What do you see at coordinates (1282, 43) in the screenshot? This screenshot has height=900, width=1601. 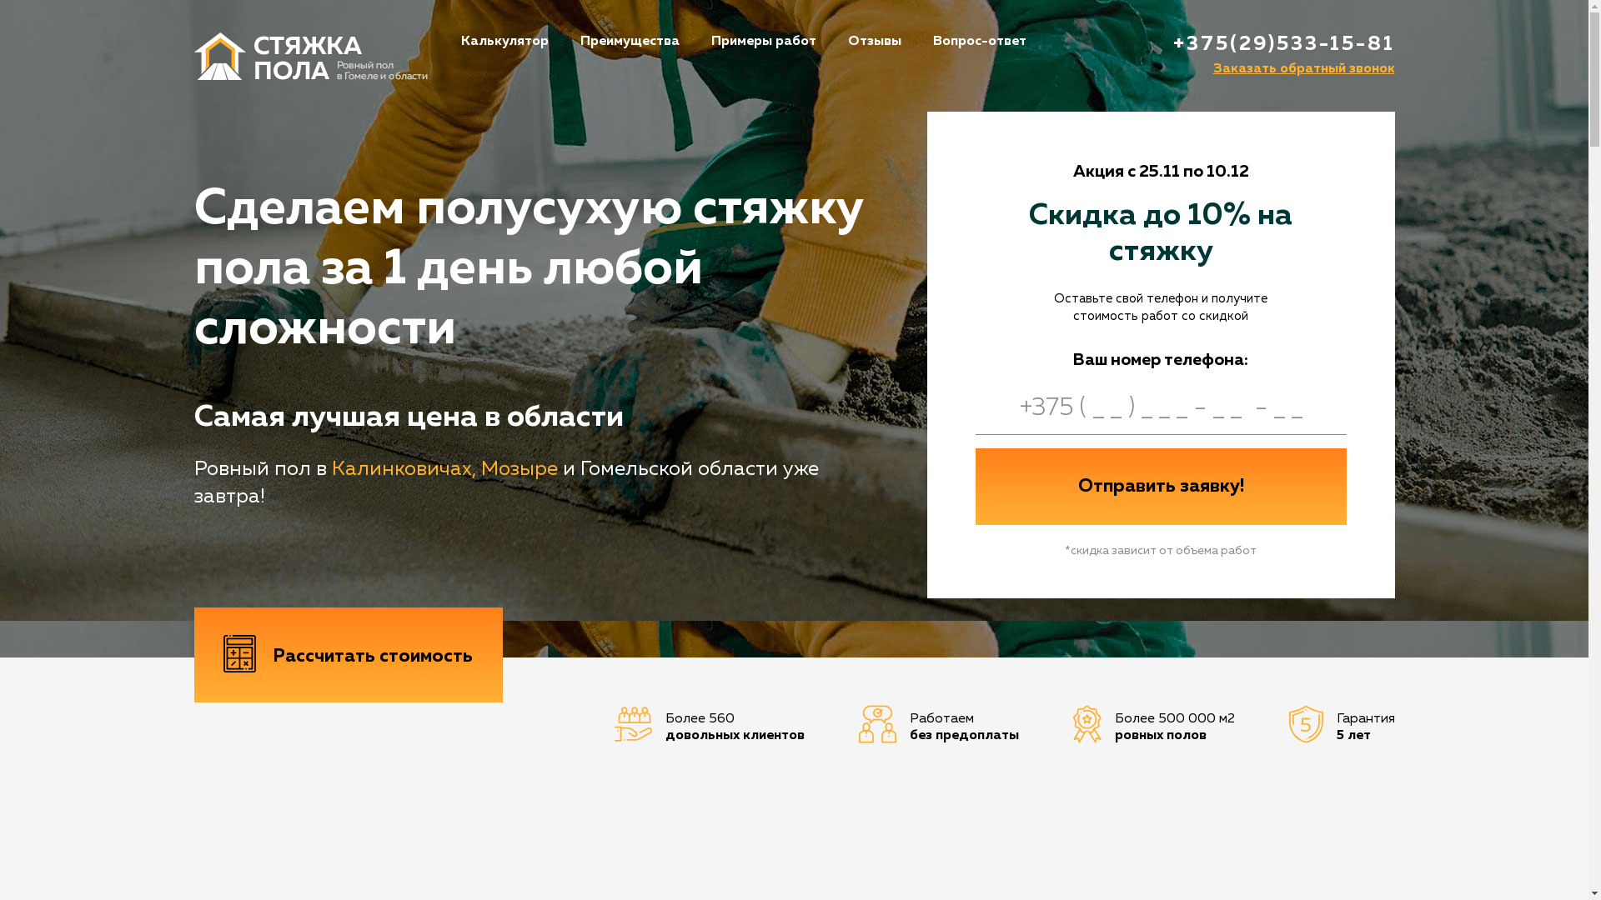 I see `'+375(29)533-15-81'` at bounding box center [1282, 43].